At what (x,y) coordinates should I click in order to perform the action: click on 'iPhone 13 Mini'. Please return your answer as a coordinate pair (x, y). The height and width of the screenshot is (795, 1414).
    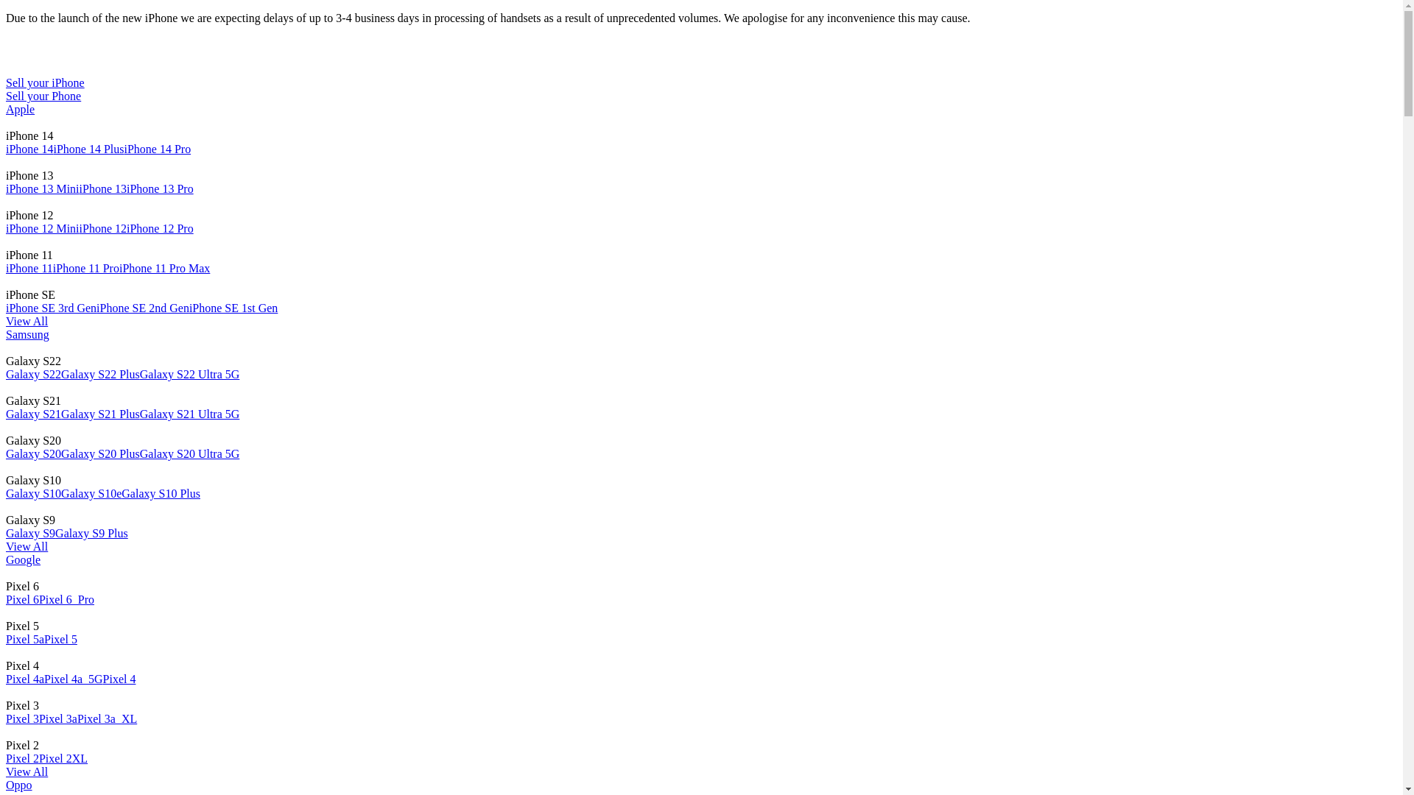
    Looking at the image, I should click on (42, 188).